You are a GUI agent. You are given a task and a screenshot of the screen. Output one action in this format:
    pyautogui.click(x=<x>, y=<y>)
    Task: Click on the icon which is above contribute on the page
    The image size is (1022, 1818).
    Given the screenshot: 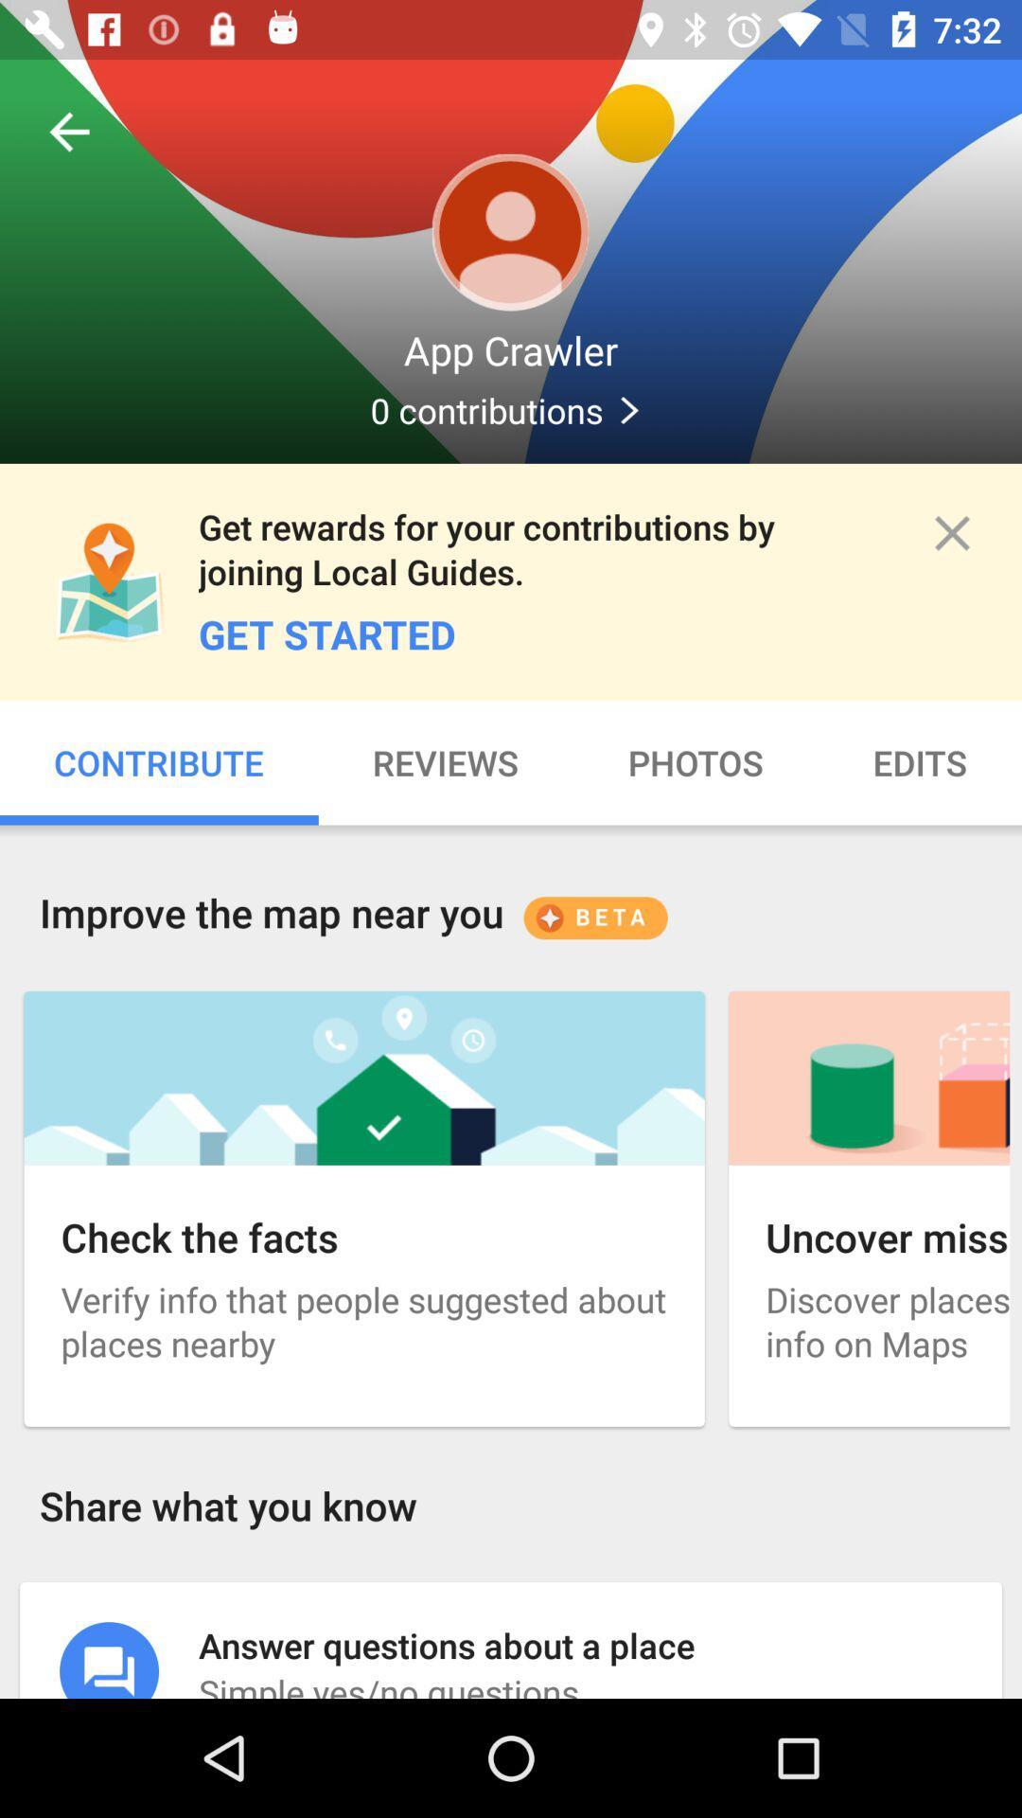 What is the action you would take?
    pyautogui.click(x=109, y=580)
    